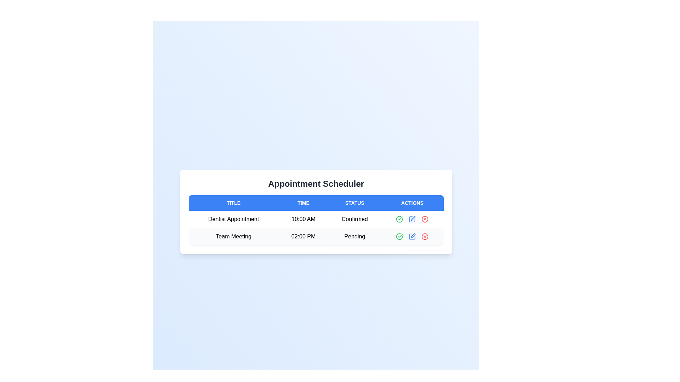  What do you see at coordinates (304, 236) in the screenshot?
I see `the time label indicating the event 'Team Meeting' in the second row of the table` at bounding box center [304, 236].